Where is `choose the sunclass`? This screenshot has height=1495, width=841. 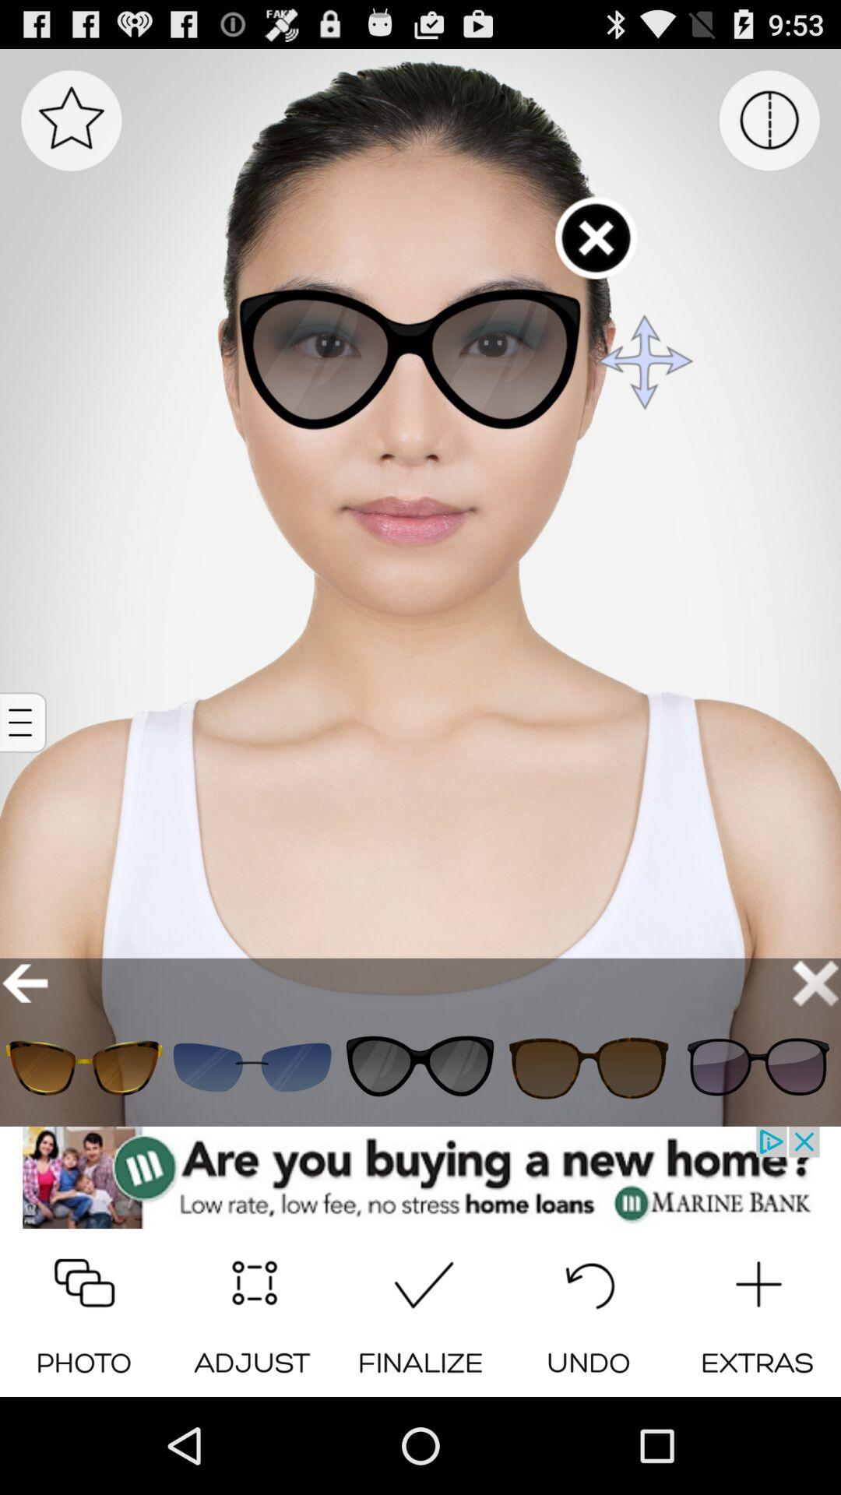
choose the sunclass is located at coordinates (756, 1067).